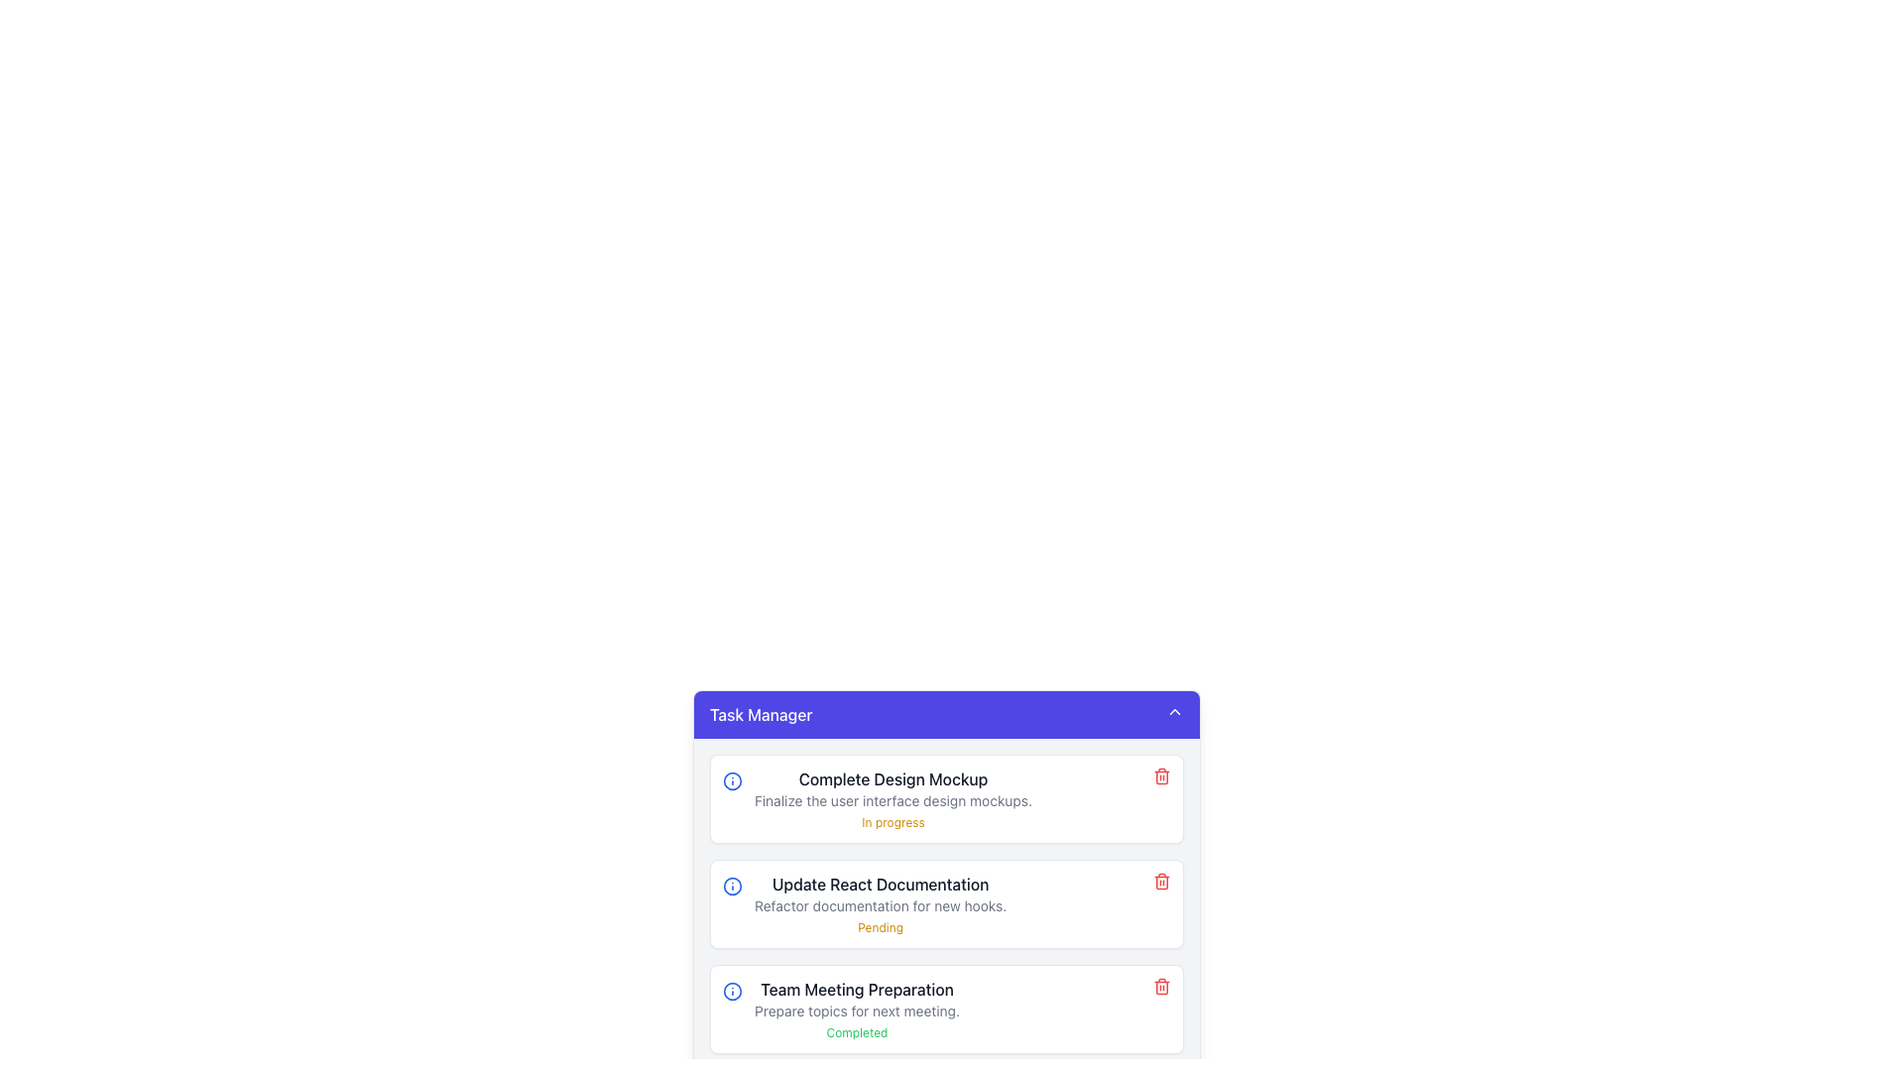 Image resolution: width=1904 pixels, height=1071 pixels. Describe the element at coordinates (946, 903) in the screenshot. I see `the yellow status label of the Task Card, which is the second entry in the vertical list of task items in the task manager interface` at that location.